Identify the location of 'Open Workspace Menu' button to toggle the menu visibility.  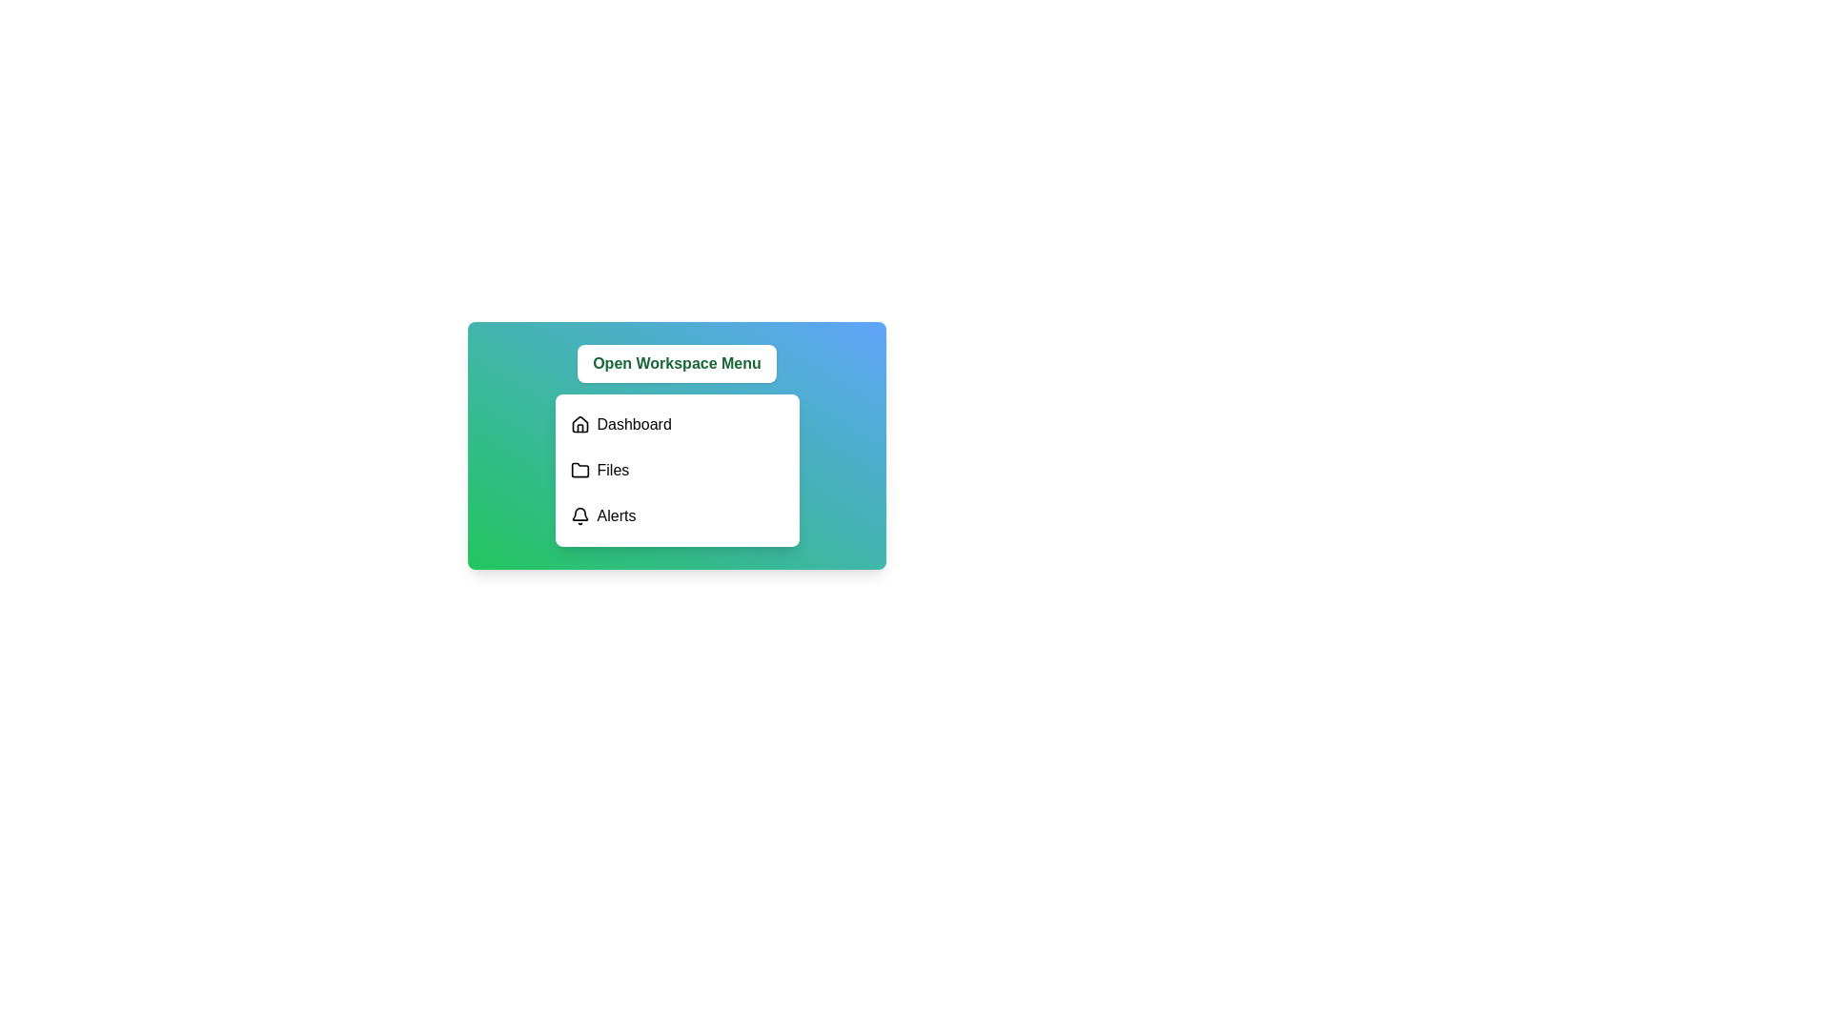
(677, 363).